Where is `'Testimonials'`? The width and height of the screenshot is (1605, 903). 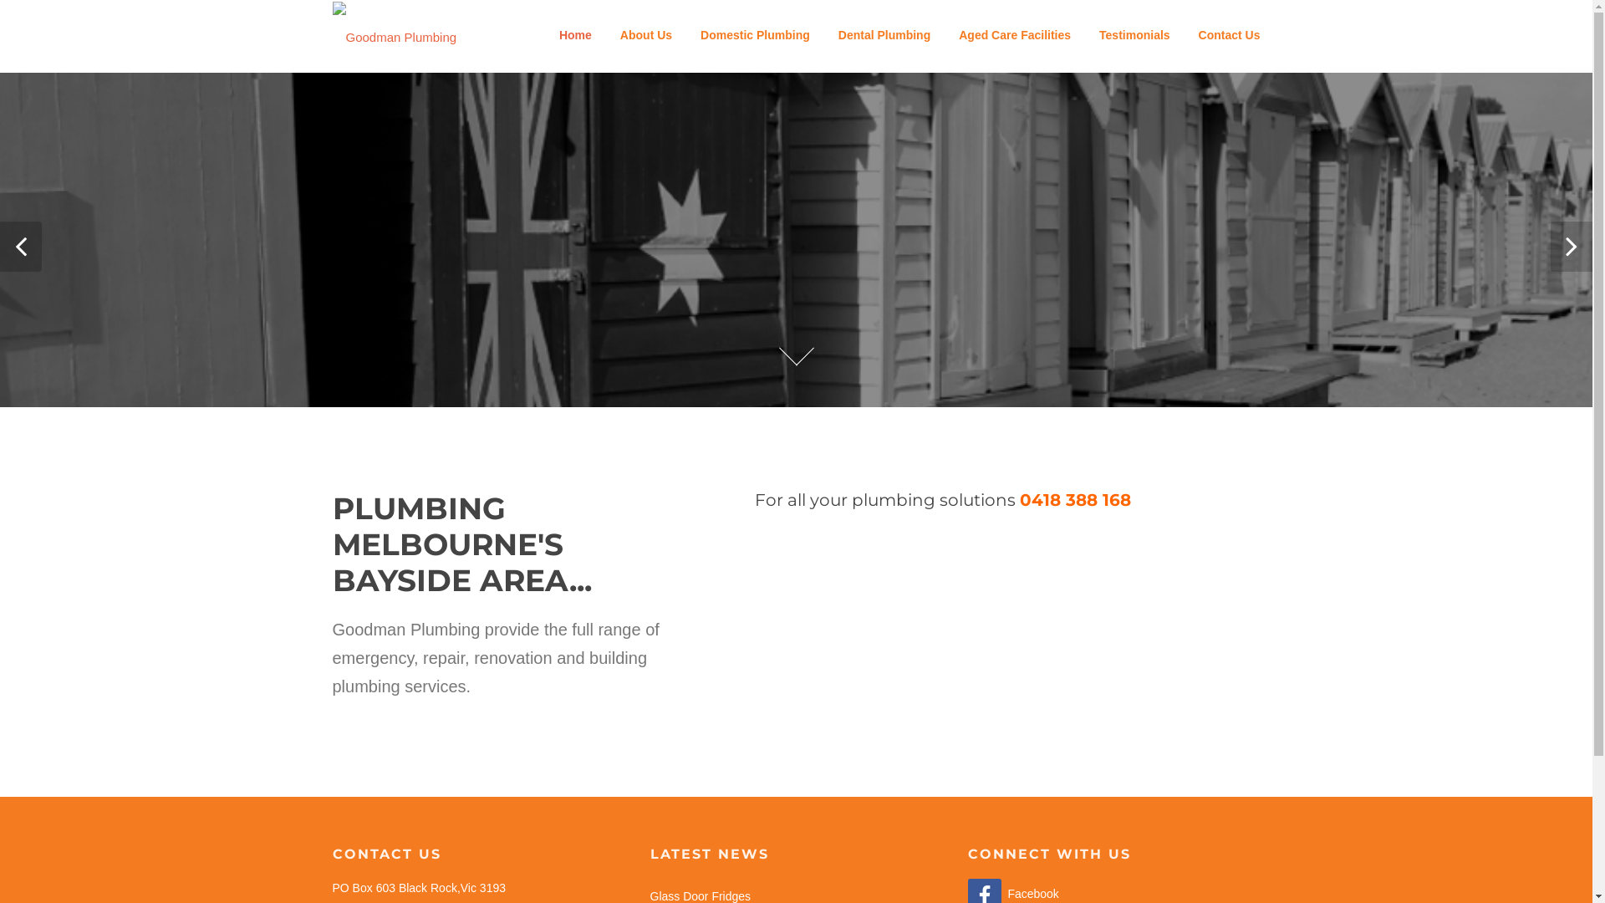
'Testimonials' is located at coordinates (1134, 35).